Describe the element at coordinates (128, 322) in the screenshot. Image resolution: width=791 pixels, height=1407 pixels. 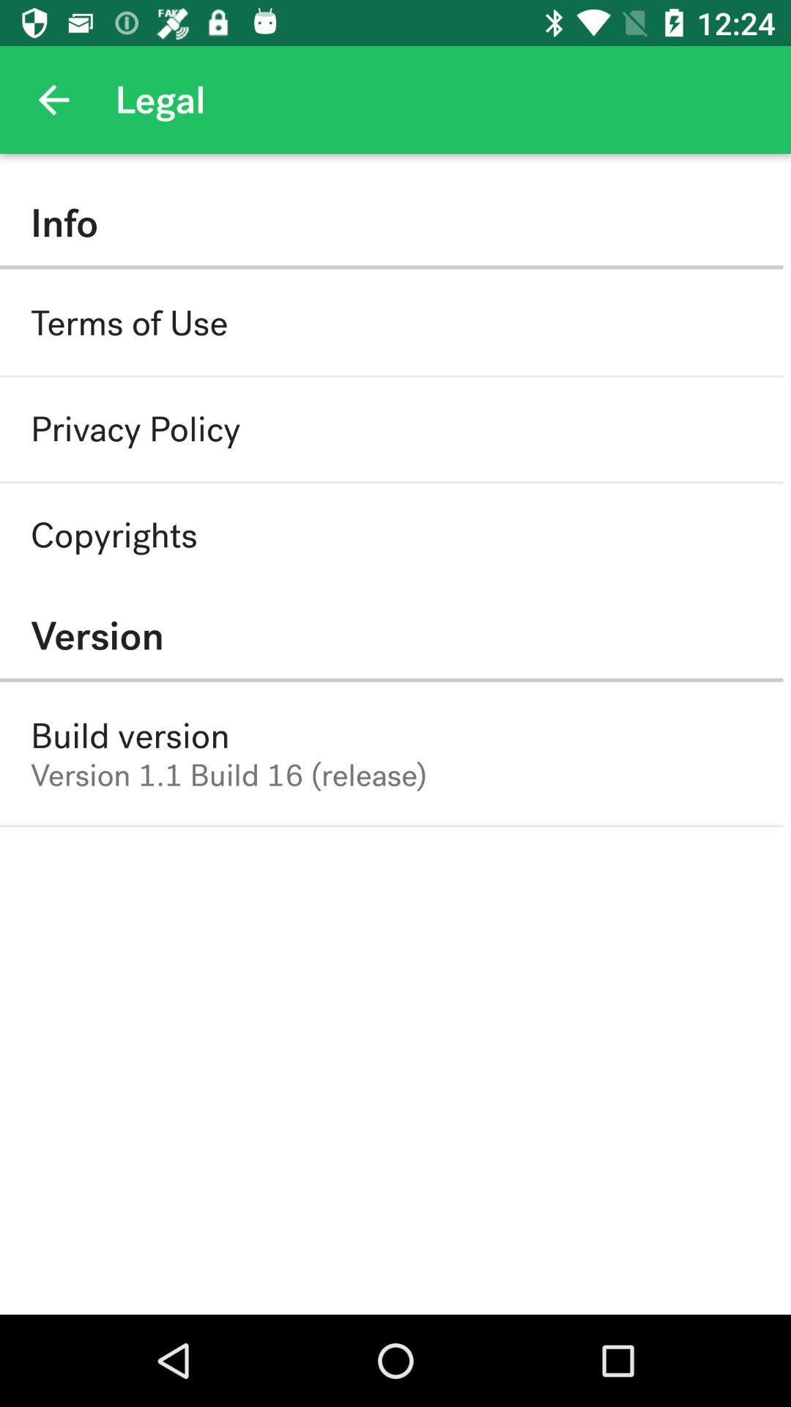
I see `terms of use icon` at that location.